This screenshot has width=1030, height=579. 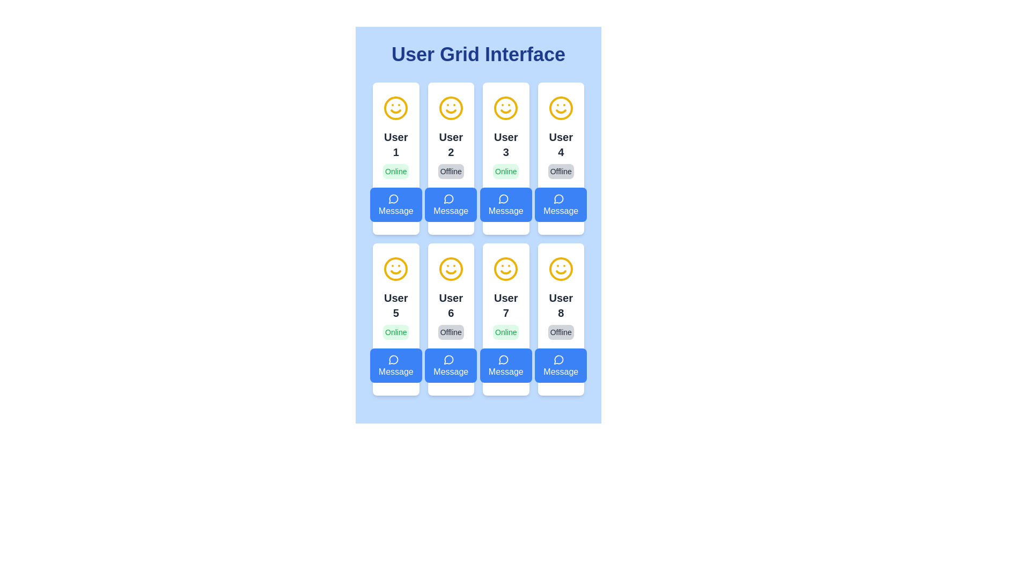 What do you see at coordinates (395, 365) in the screenshot?
I see `the 'Message' button located at the bottom of the user card for 'User 5' to initiate a messaging interaction` at bounding box center [395, 365].